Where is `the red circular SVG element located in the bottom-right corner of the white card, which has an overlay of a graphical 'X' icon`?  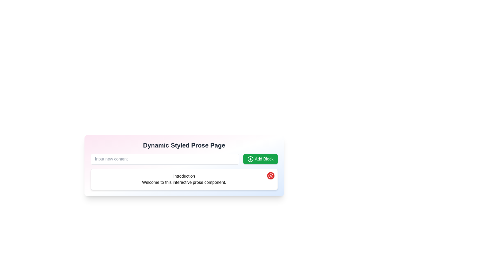
the red circular SVG element located in the bottom-right corner of the white card, which has an overlay of a graphical 'X' icon is located at coordinates (270, 176).